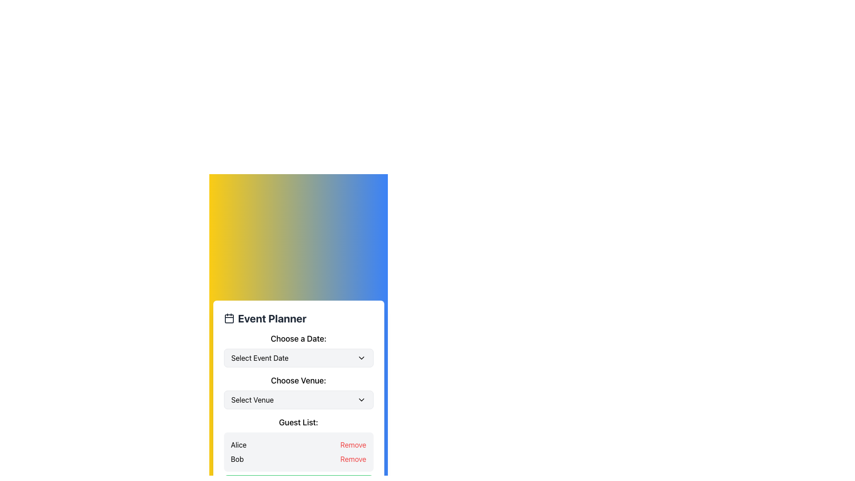  Describe the element at coordinates (361, 357) in the screenshot. I see `the Chevron Icon located on the right edge of the dropdown selector for event dates, next to the text 'Select Event Date'` at that location.